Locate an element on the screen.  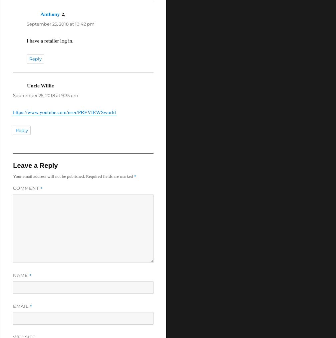
'Email' is located at coordinates (21, 305).